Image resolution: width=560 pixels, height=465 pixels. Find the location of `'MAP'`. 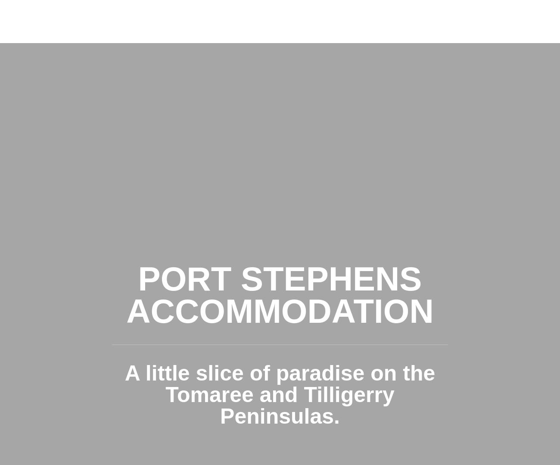

'MAP' is located at coordinates (467, 170).